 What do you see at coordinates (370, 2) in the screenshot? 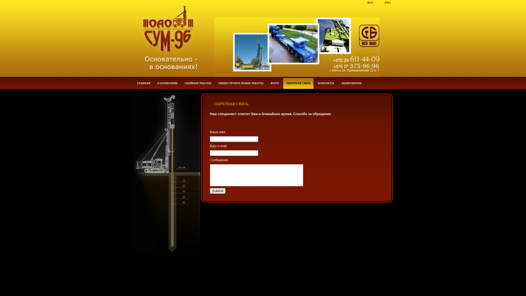
I see `'RUS'` at bounding box center [370, 2].